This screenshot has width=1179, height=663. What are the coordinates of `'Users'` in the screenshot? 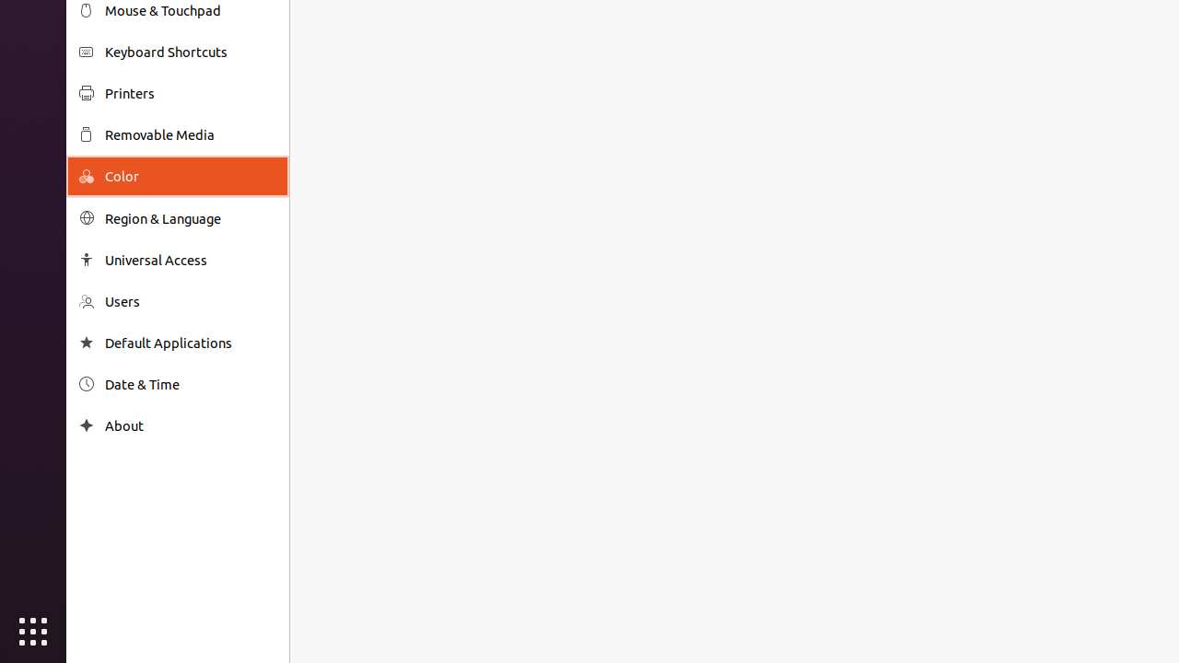 It's located at (190, 300).